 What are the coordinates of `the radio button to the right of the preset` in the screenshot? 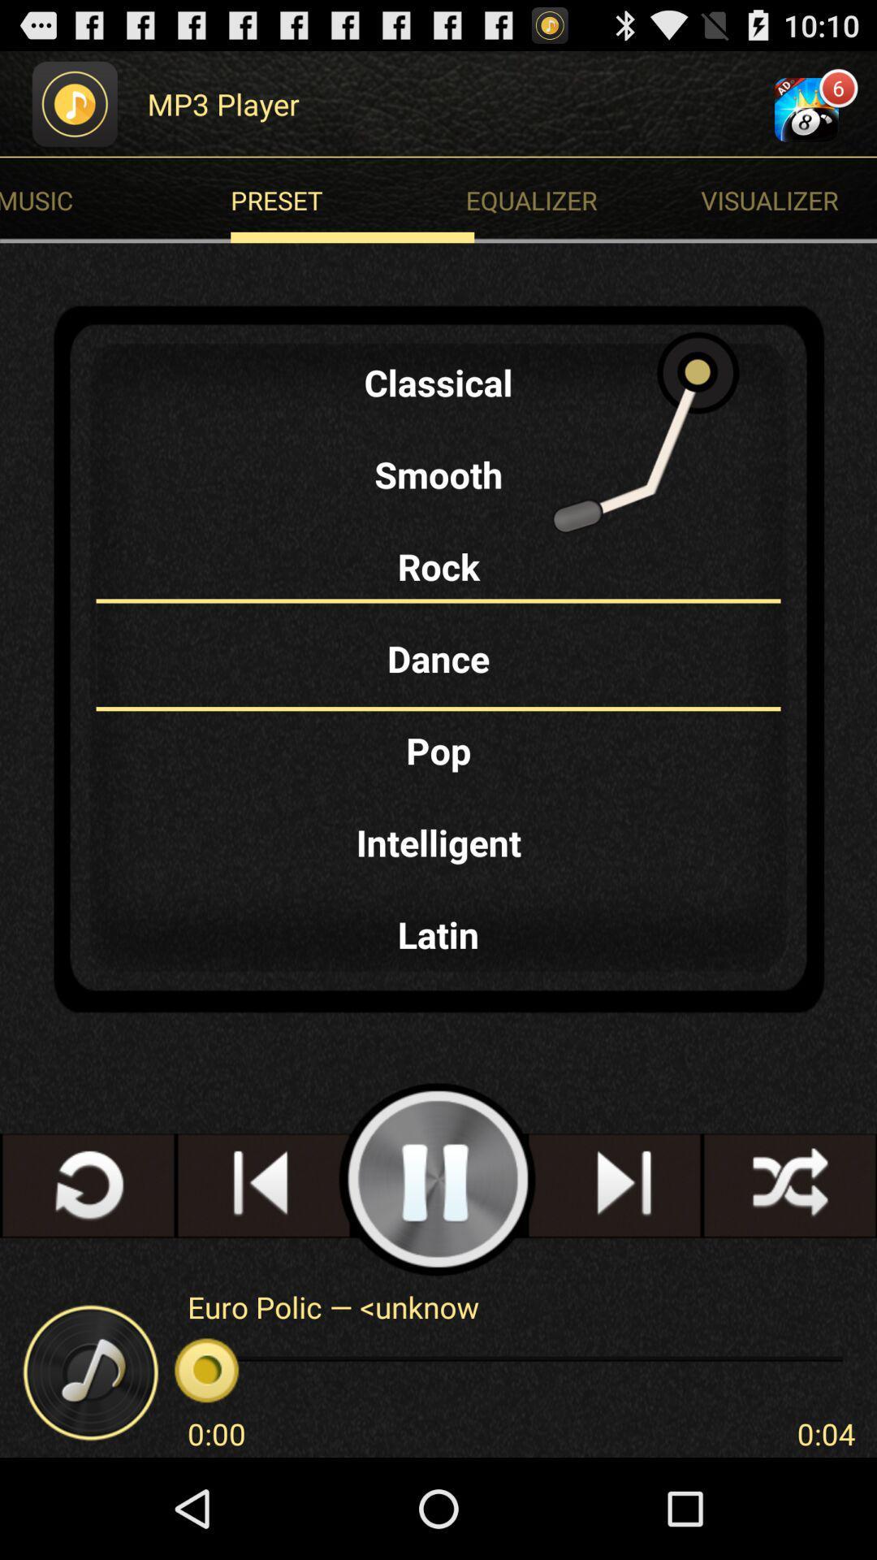 It's located at (788, 199).